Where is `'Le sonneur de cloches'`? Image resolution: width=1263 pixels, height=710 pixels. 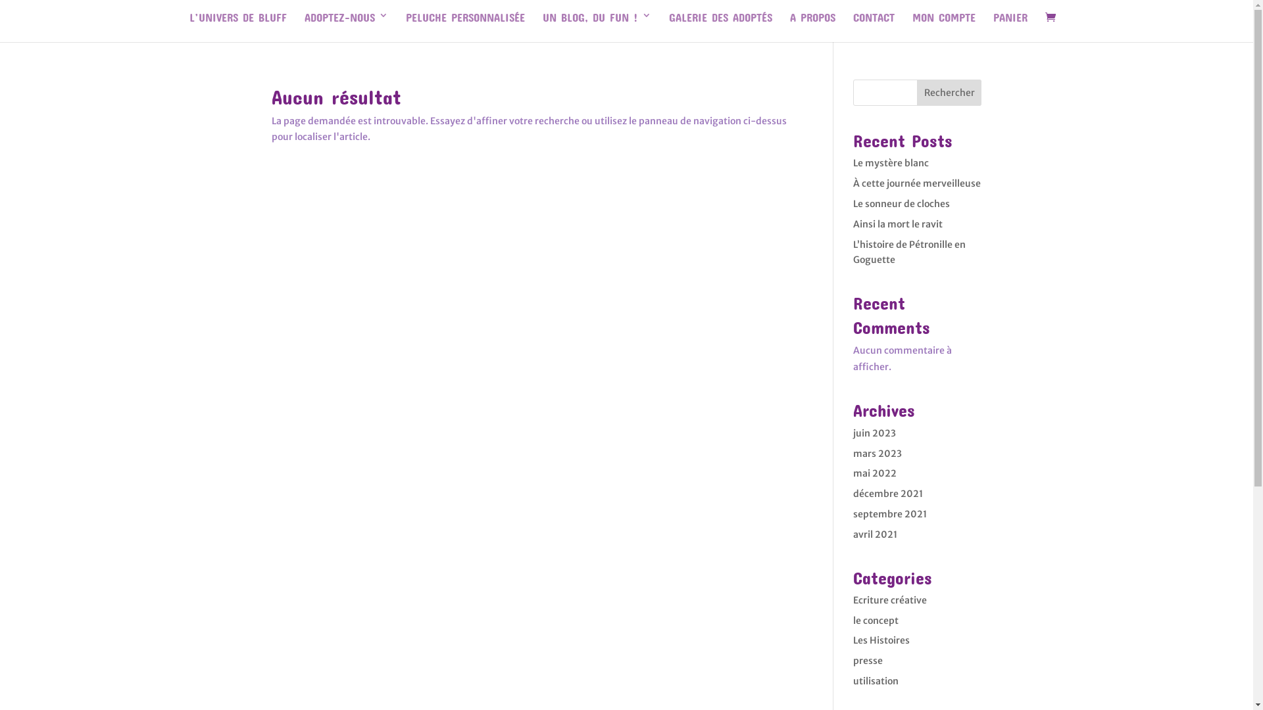 'Le sonneur de cloches' is located at coordinates (901, 203).